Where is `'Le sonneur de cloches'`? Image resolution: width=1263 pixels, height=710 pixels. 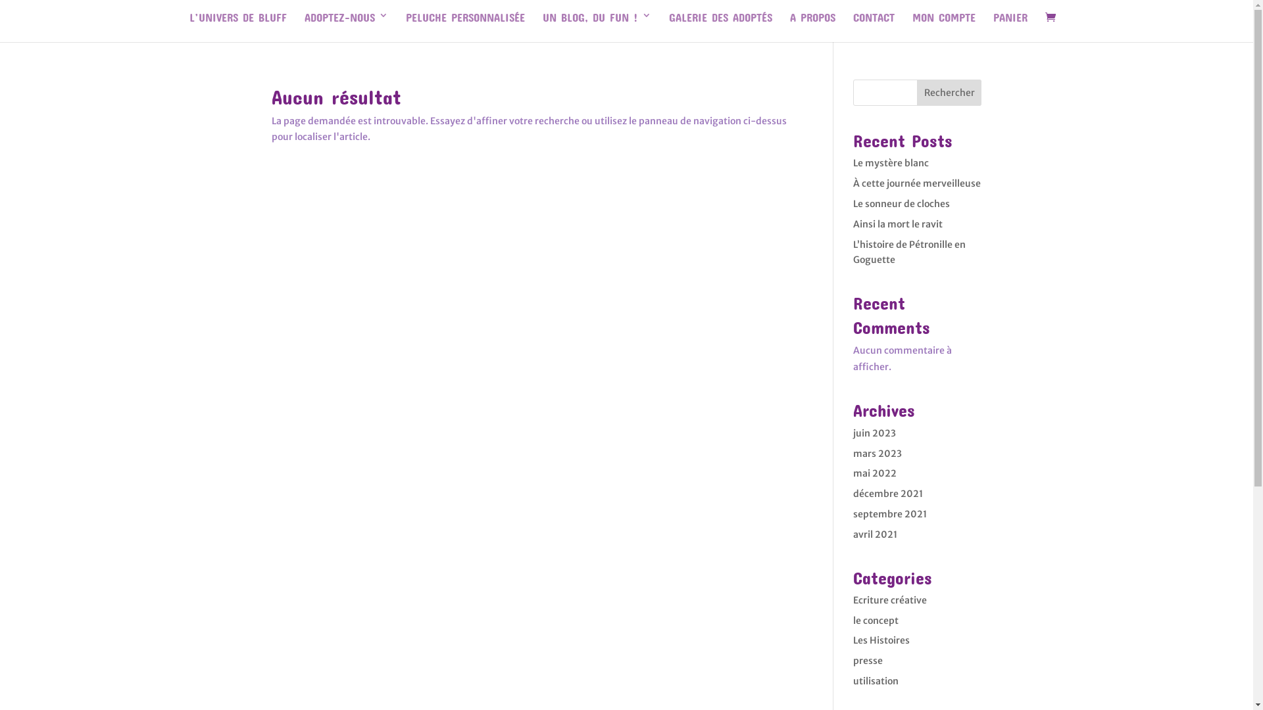 'Le sonneur de cloches' is located at coordinates (901, 203).